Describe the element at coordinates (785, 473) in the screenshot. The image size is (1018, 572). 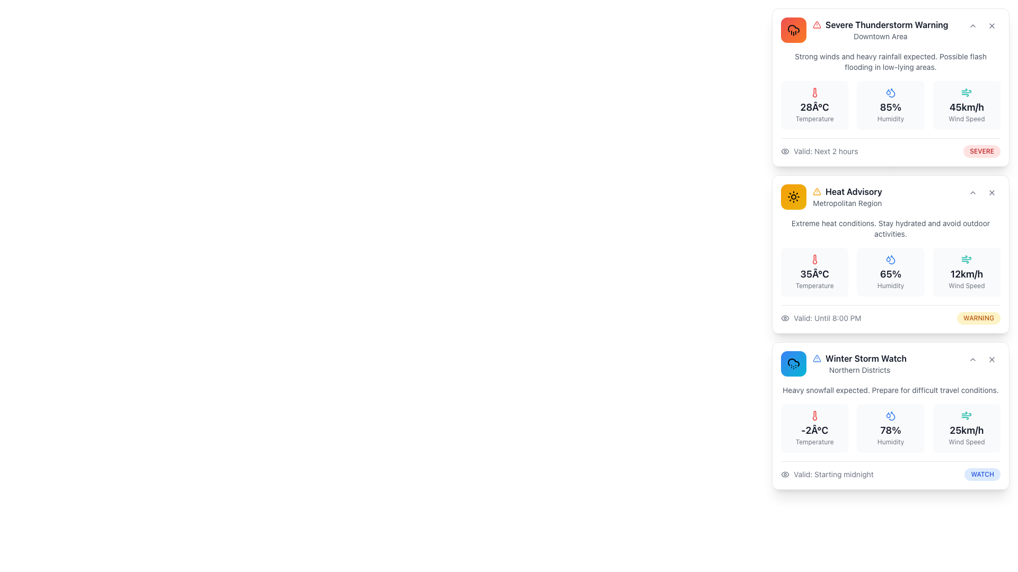
I see `the outer circular arc of the eye icon within the 'Winter Storm Watch' card, which serves a decorative purpose and indicates visibility features` at that location.